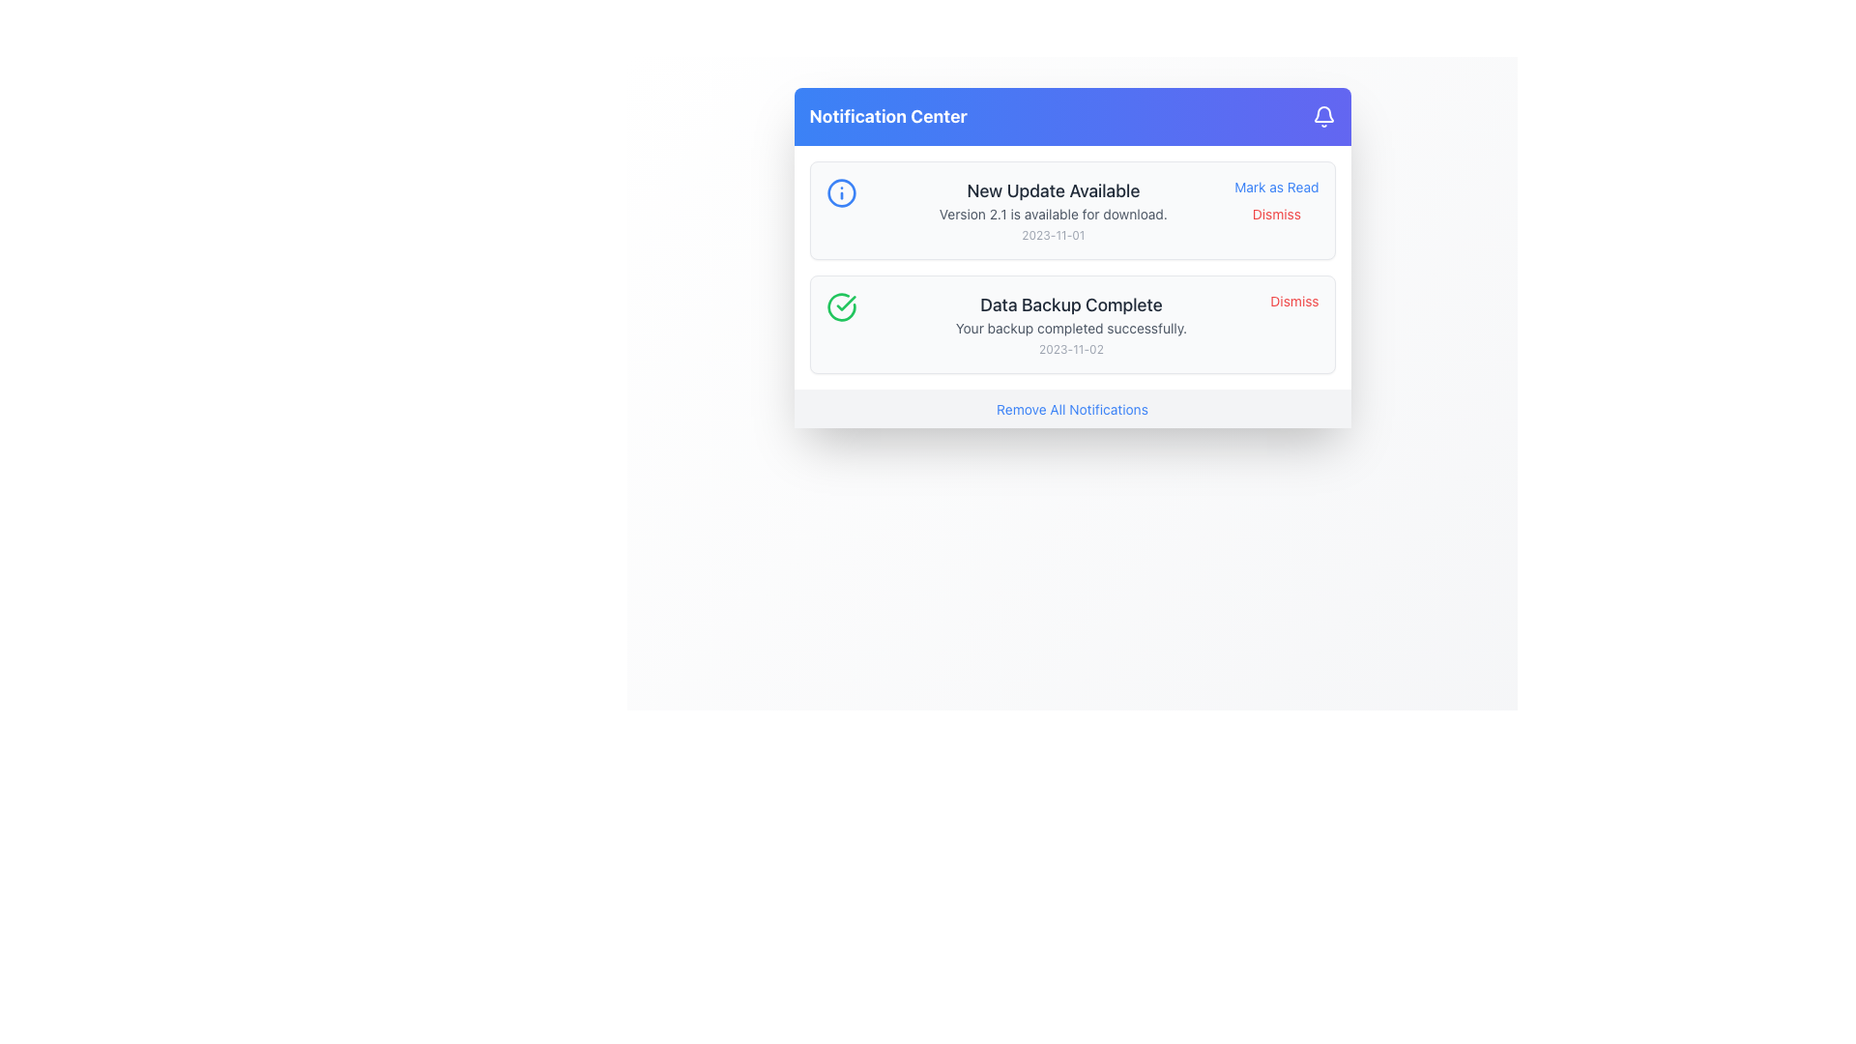 The image size is (1856, 1044). I want to click on the green checkmark icon indicating a completed backup process, which is located inside a circular icon next to the 'Data Backup Complete' notification text in the Notification Center, so click(846, 303).